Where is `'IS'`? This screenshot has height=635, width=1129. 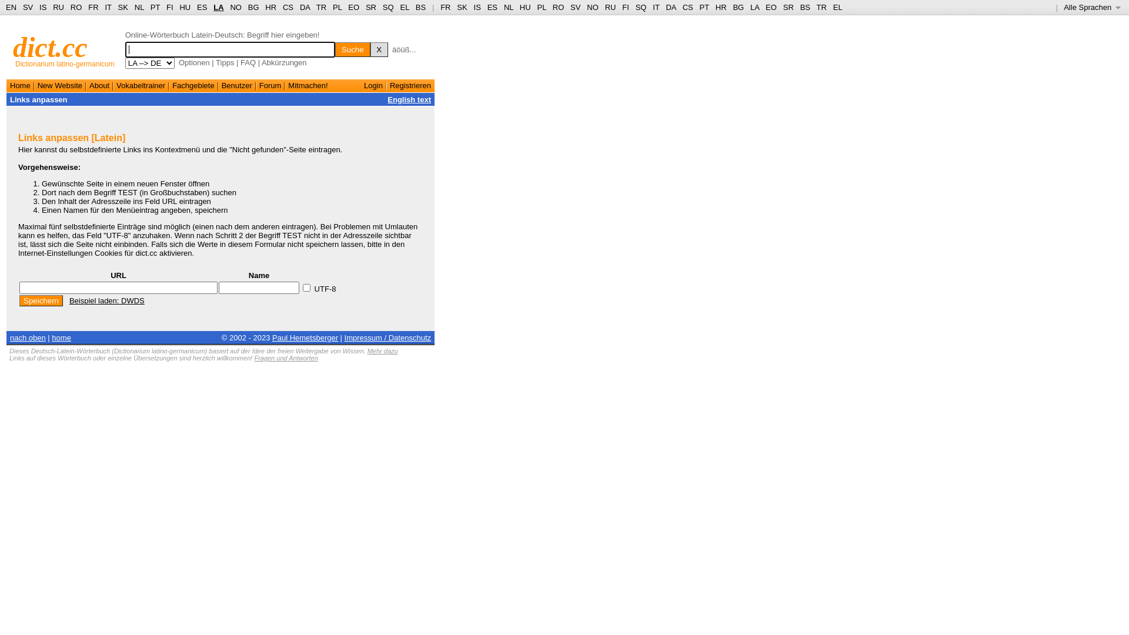
'IS' is located at coordinates (474, 7).